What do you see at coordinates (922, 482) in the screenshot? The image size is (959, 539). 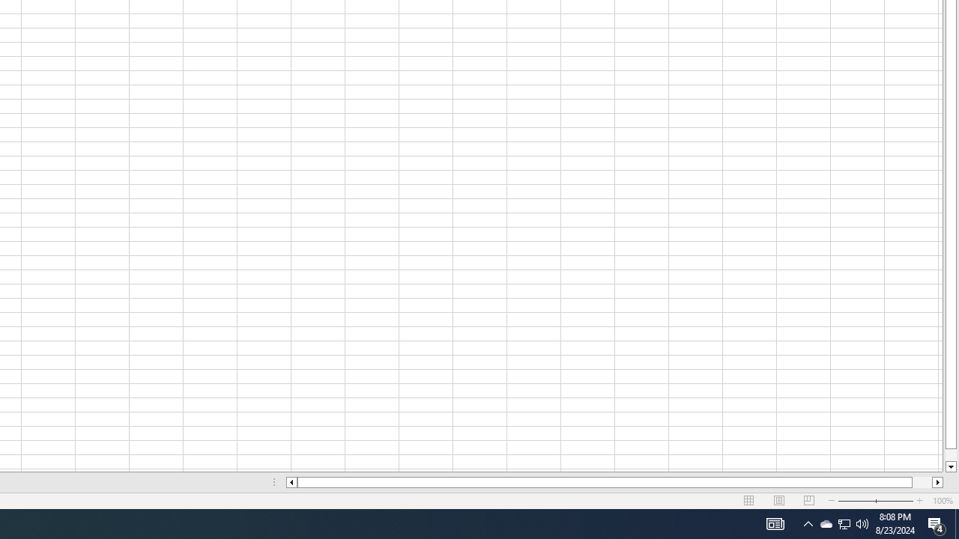 I see `'Page right'` at bounding box center [922, 482].